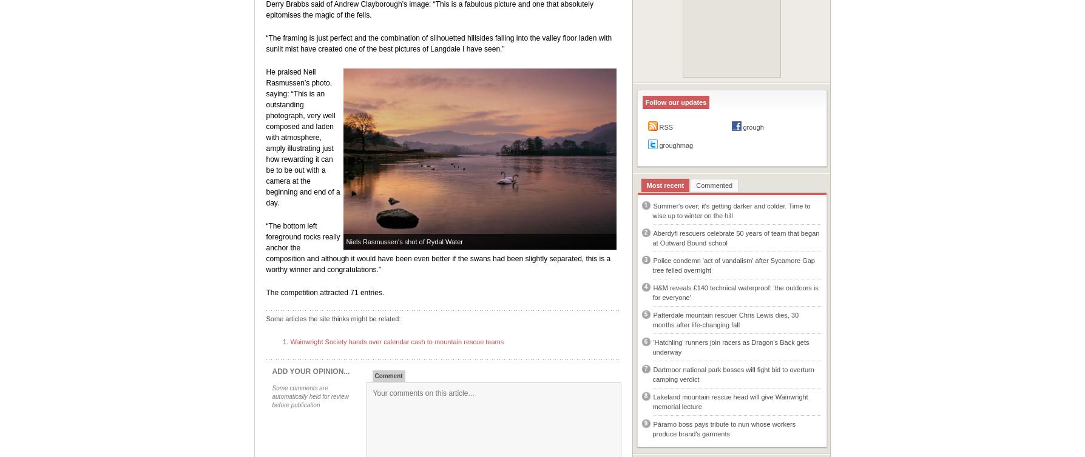 The height and width of the screenshot is (457, 1085). Describe the element at coordinates (733, 265) in the screenshot. I see `'Police condemn 'act of vandalism' after Sycamore Gap tree felled overnight'` at that location.